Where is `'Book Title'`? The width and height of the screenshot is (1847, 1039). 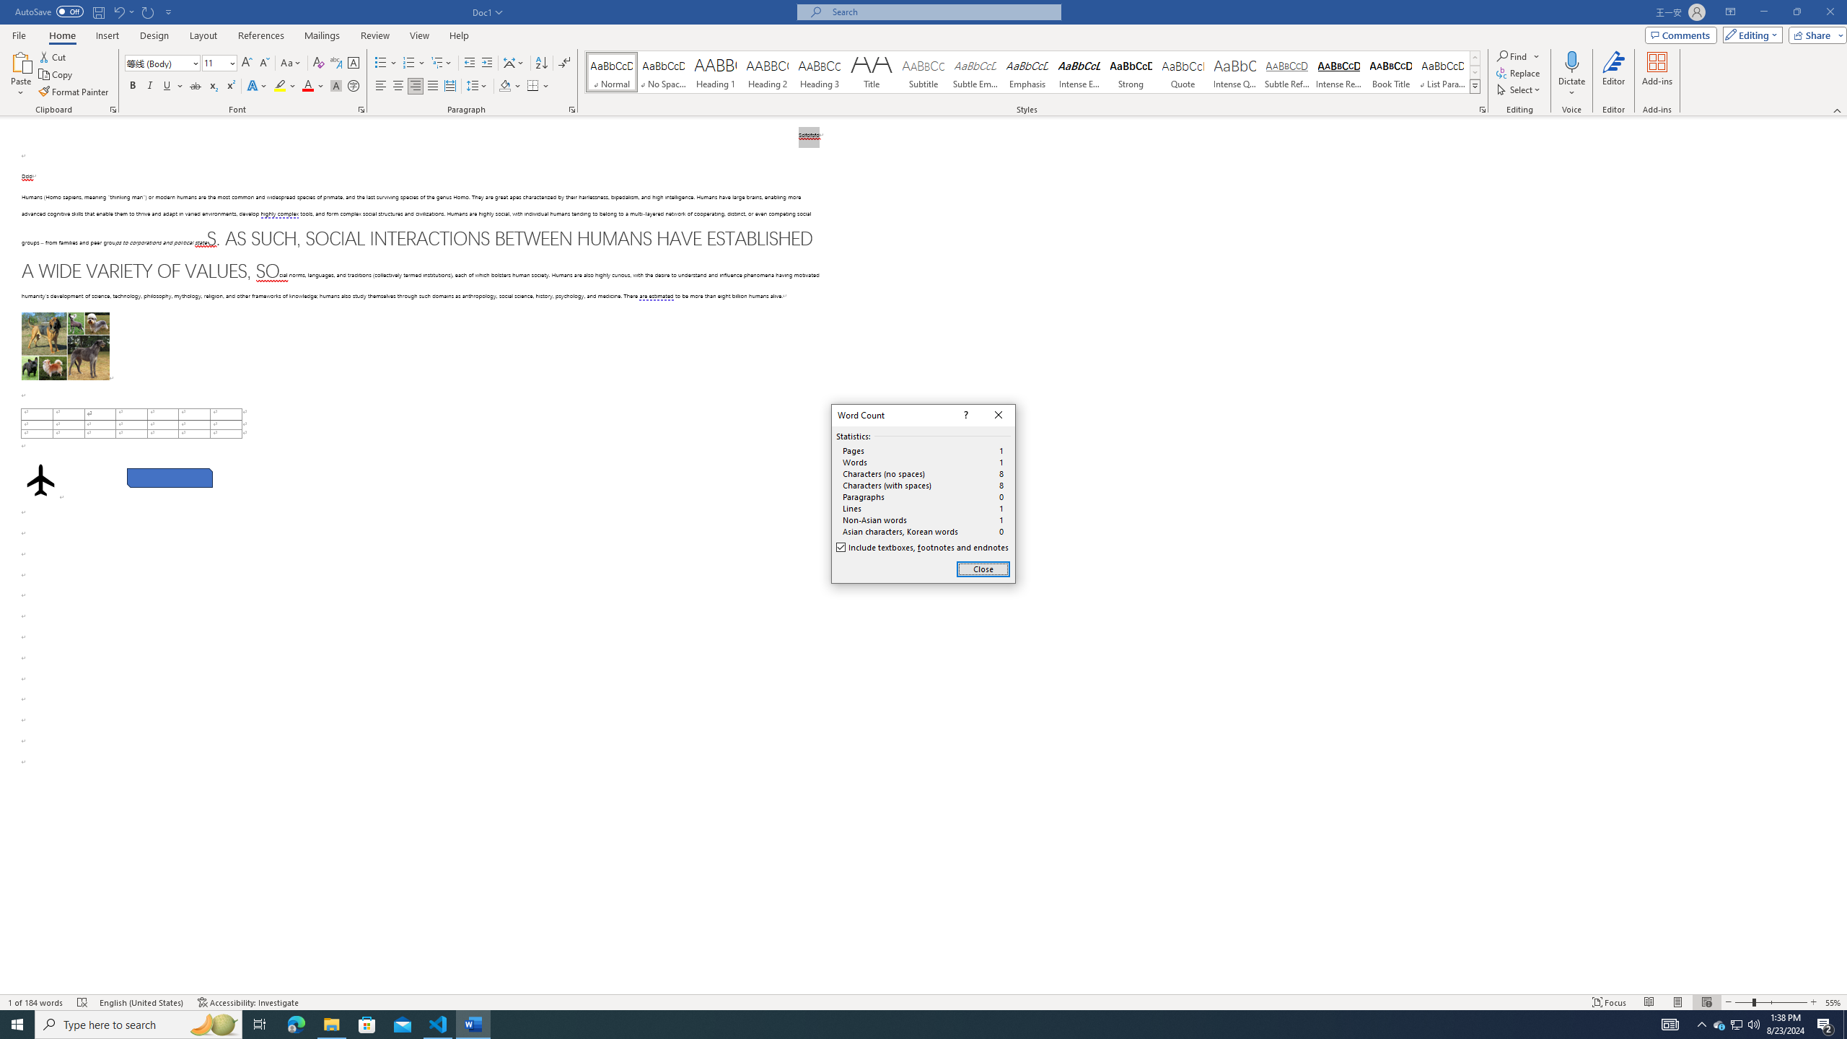 'Book Title' is located at coordinates (1390, 71).